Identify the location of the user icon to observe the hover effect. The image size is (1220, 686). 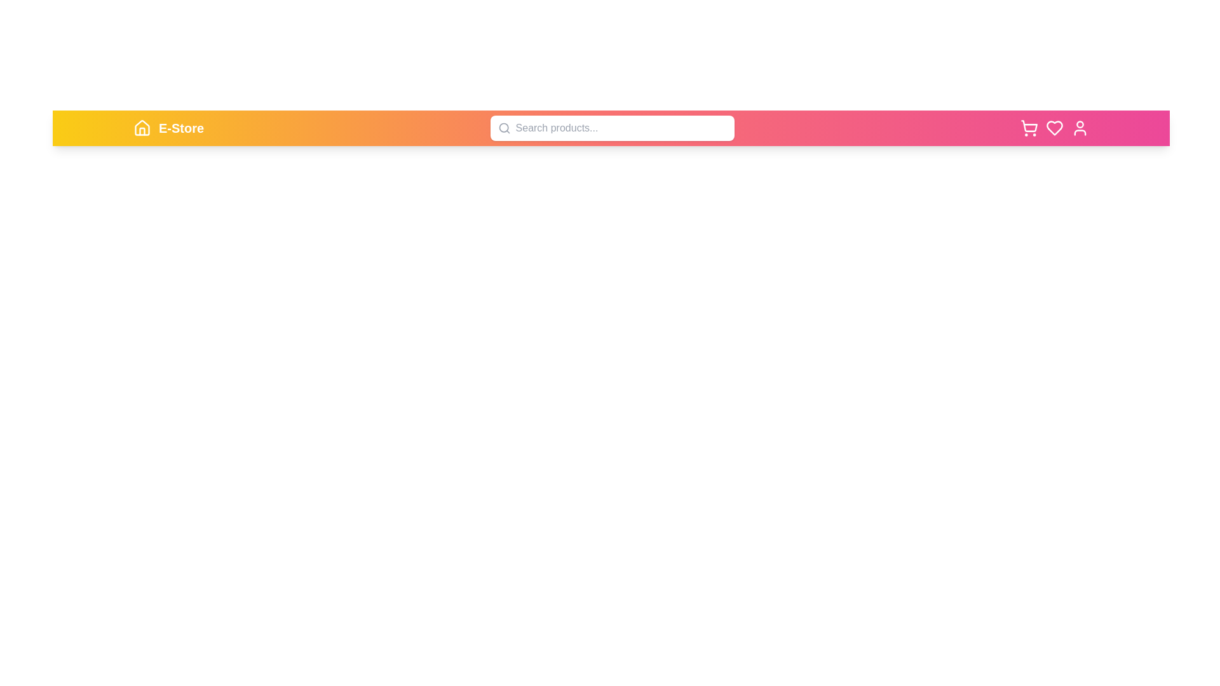
(1079, 128).